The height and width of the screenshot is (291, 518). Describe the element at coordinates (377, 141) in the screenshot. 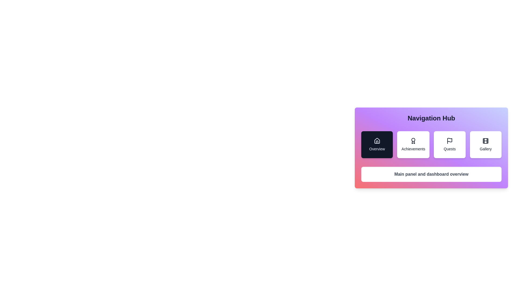

I see `the house-shaped icon within the dark blue tile labeled 'Overview' in the navigation menu` at that location.